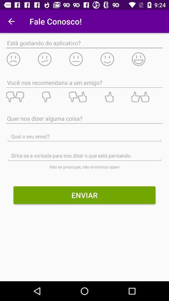  I want to click on enable auto play, so click(115, 59).